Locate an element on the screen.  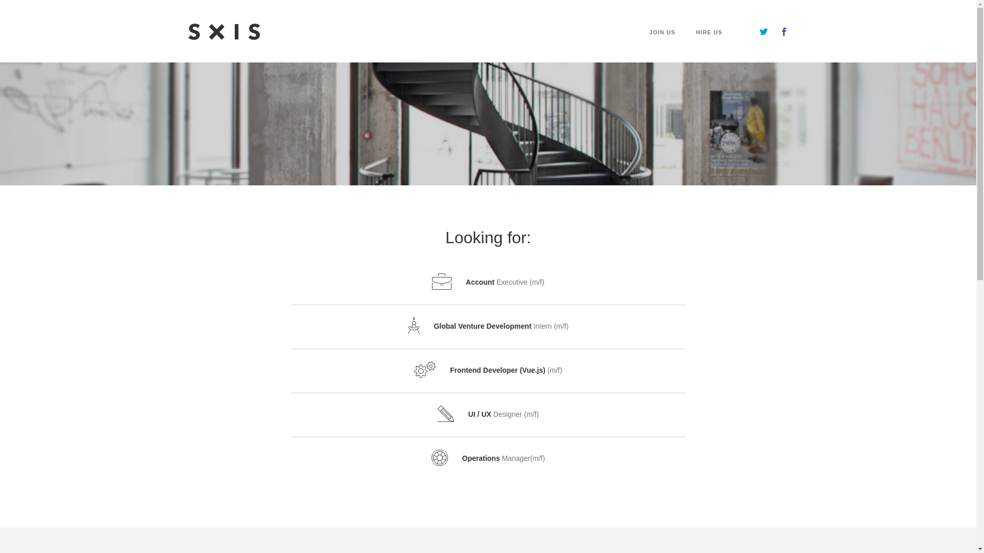
'JOIN US' is located at coordinates (662, 45).